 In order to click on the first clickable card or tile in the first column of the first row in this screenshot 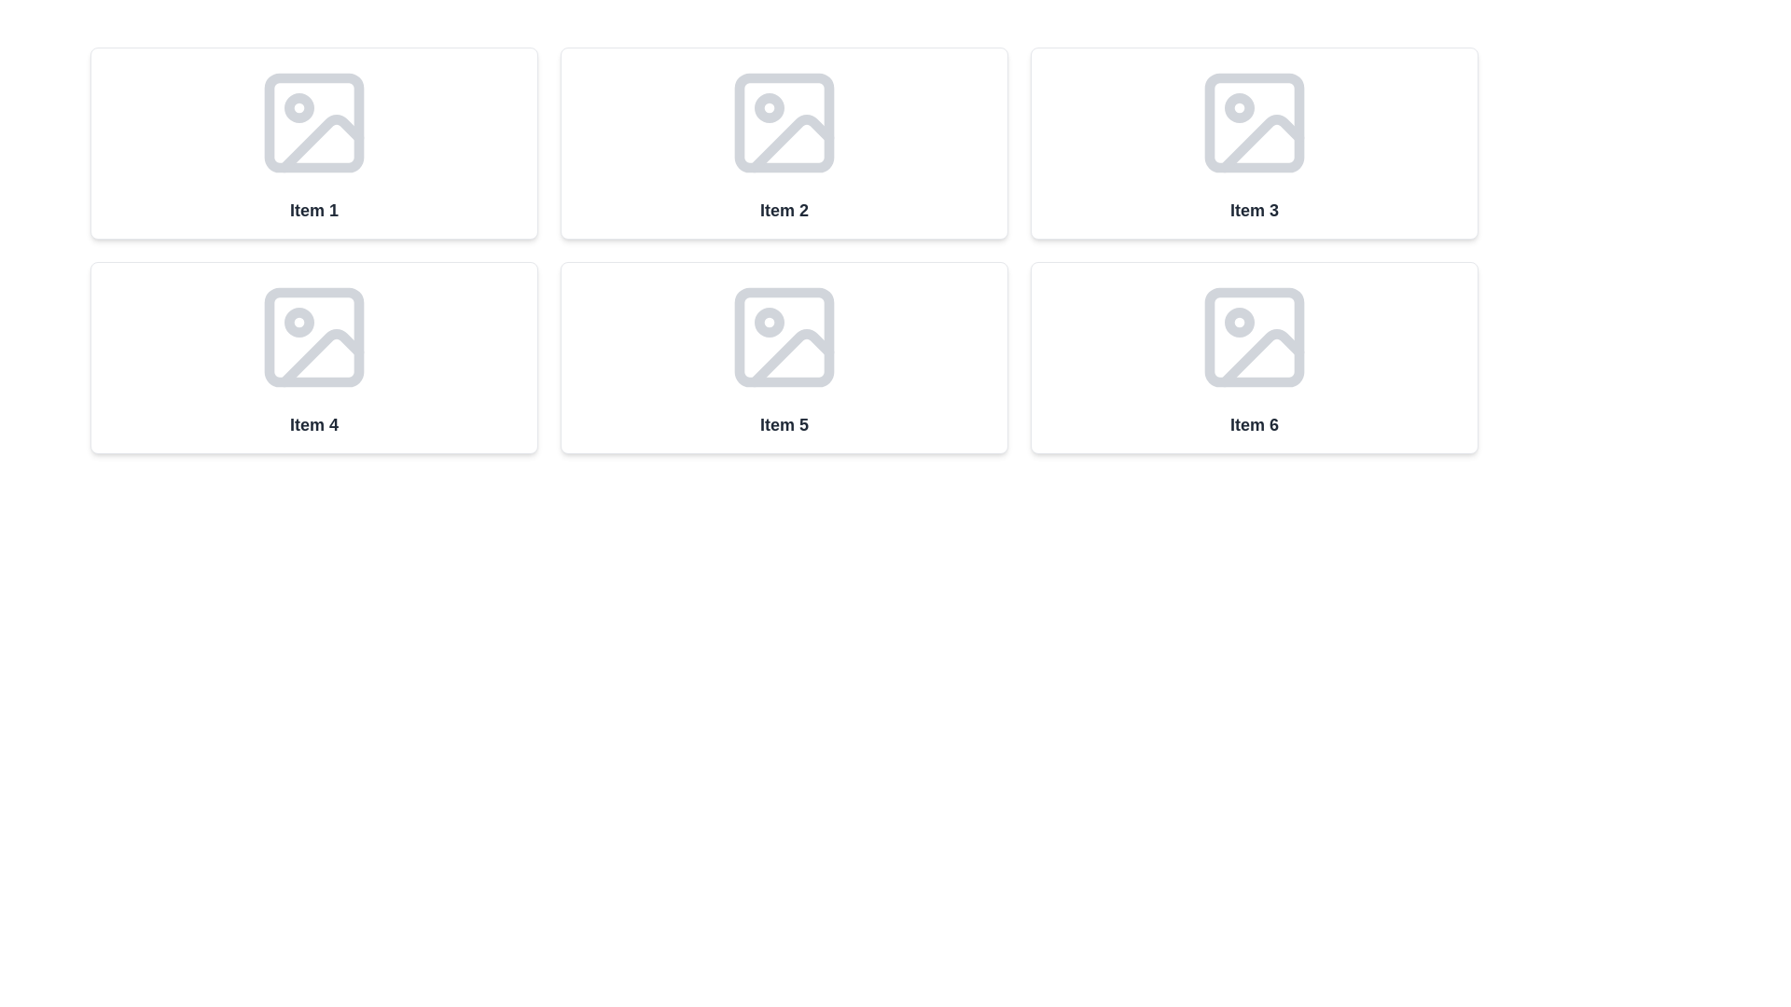, I will do `click(313, 143)`.